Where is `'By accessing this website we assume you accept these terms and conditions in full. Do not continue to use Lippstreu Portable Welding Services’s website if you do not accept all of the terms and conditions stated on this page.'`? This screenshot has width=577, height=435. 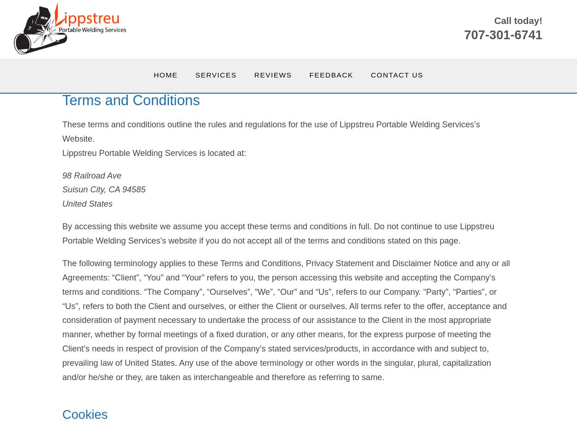
'By accessing this website we assume you accept these terms and conditions in full. Do not continue to use Lippstreu Portable Welding Services’s website if you do not accept all of the terms and conditions stated on this page.' is located at coordinates (277, 233).